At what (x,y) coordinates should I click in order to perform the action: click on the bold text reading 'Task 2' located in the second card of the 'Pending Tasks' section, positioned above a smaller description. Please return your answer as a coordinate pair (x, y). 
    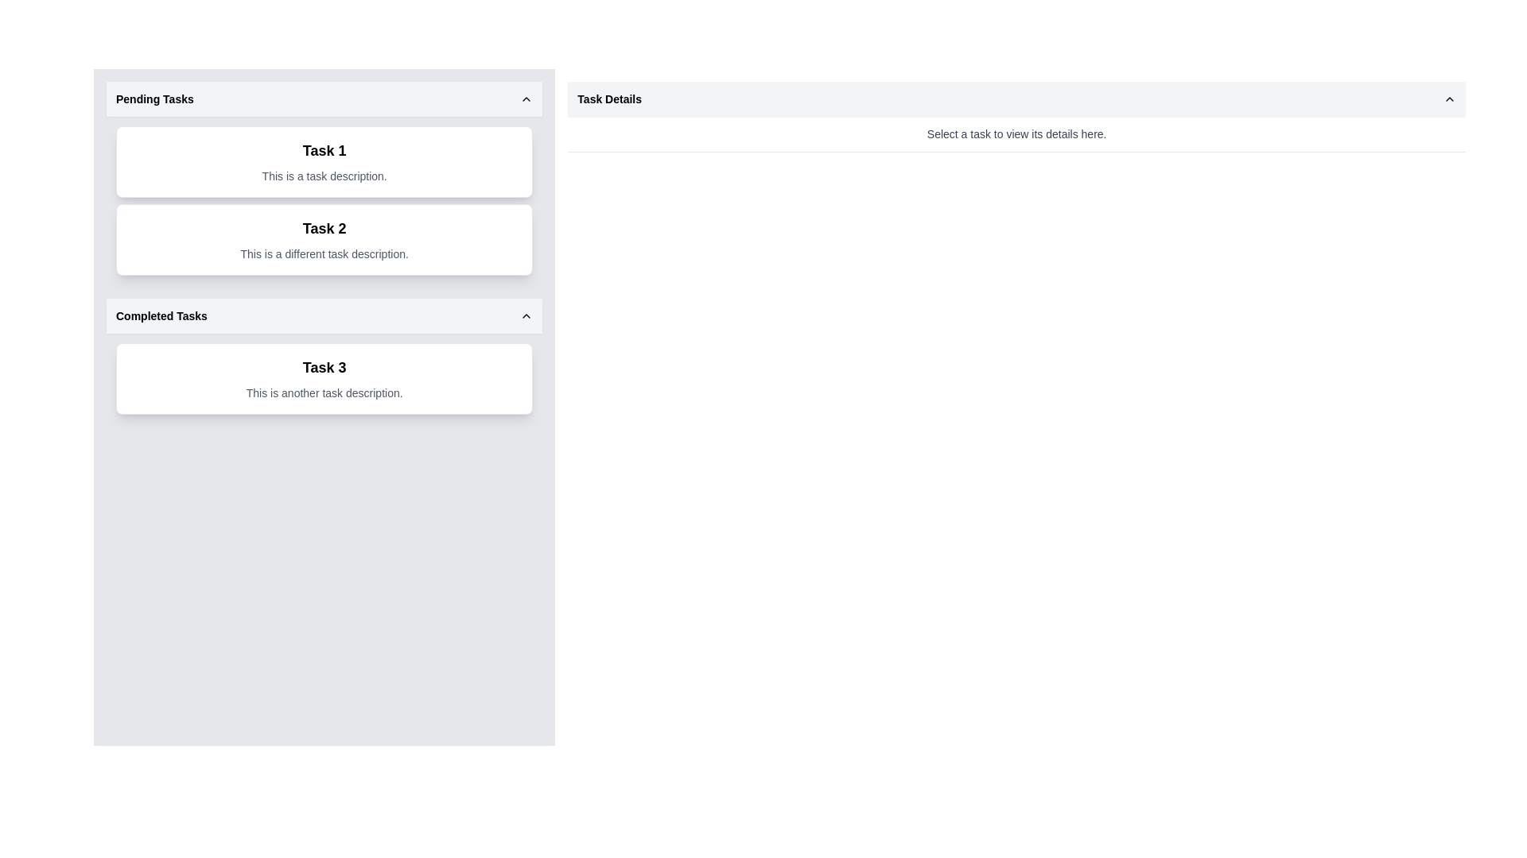
    Looking at the image, I should click on (324, 229).